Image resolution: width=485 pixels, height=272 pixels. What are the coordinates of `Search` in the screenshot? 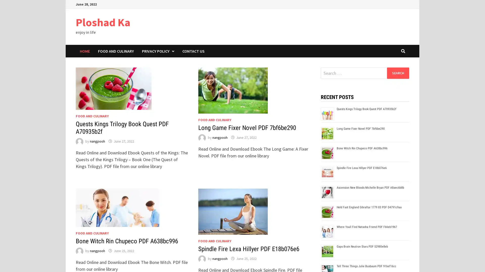 It's located at (398, 73).